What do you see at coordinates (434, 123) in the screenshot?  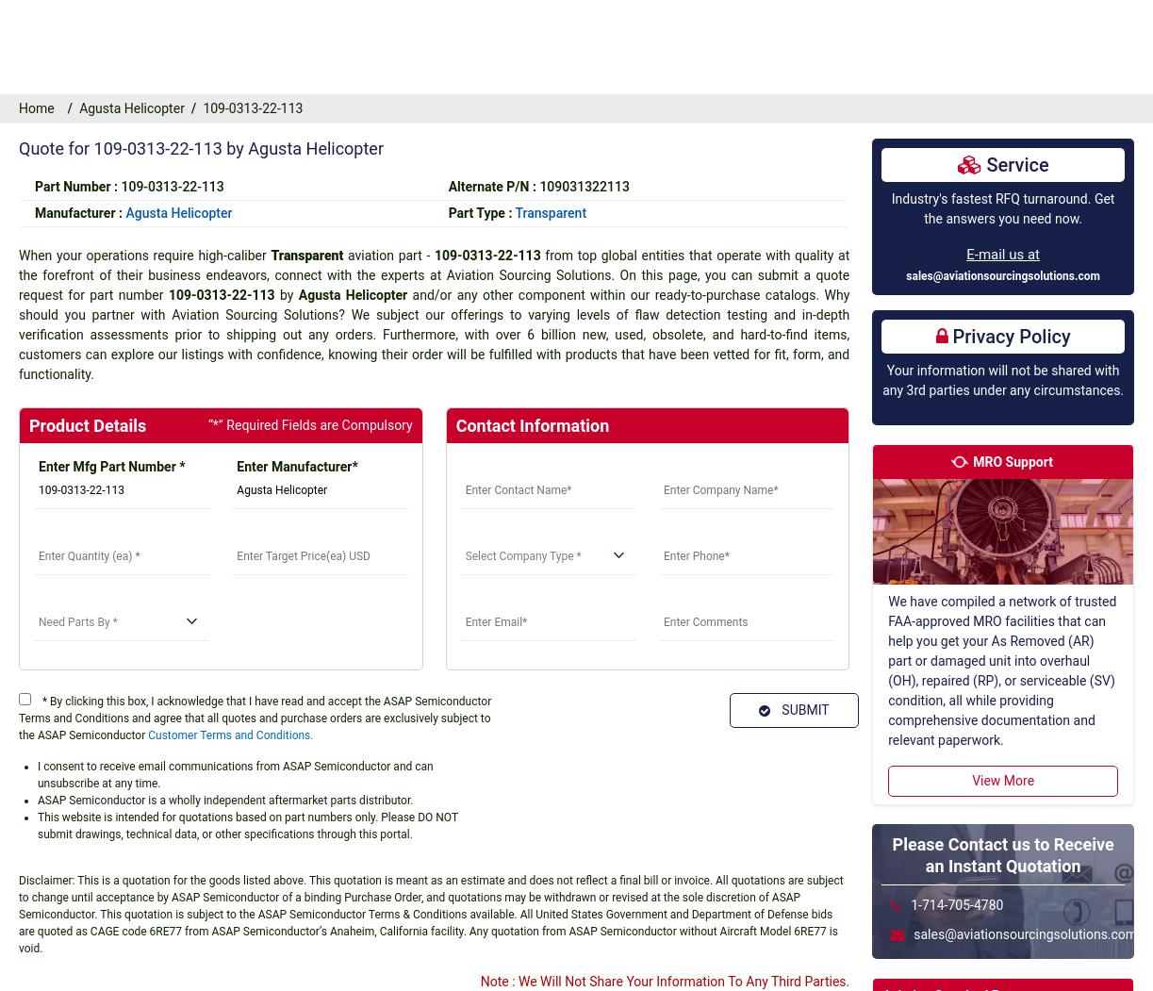 I see `'with time and cost savings. If you prefer one-on-one assistance from one of our representatives, contact us via phone or email at any time; we are available around the clock!'` at bounding box center [434, 123].